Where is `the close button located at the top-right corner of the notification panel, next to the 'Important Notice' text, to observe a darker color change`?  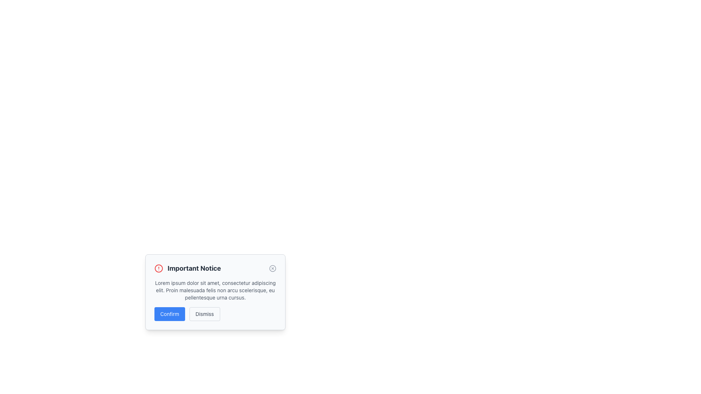
the close button located at the top-right corner of the notification panel, next to the 'Important Notice' text, to observe a darker color change is located at coordinates (272, 269).